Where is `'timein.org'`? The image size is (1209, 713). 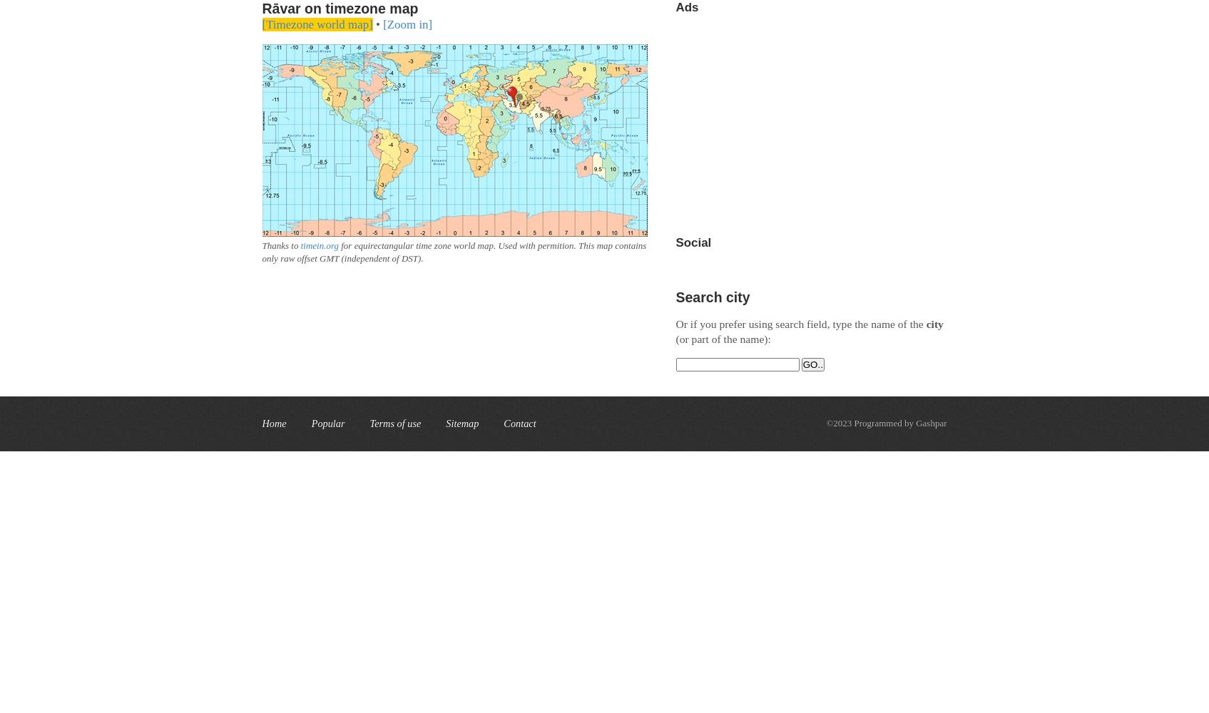
'timein.org' is located at coordinates (319, 245).